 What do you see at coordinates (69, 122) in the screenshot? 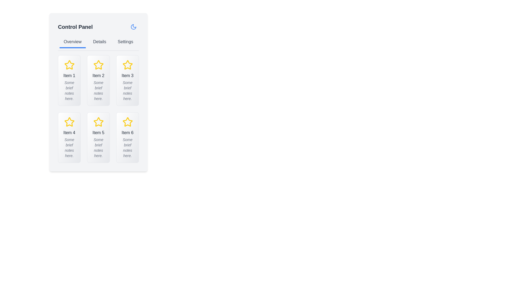
I see `the star icon within the 'Item 4' card in the second row and first column of the grid` at bounding box center [69, 122].